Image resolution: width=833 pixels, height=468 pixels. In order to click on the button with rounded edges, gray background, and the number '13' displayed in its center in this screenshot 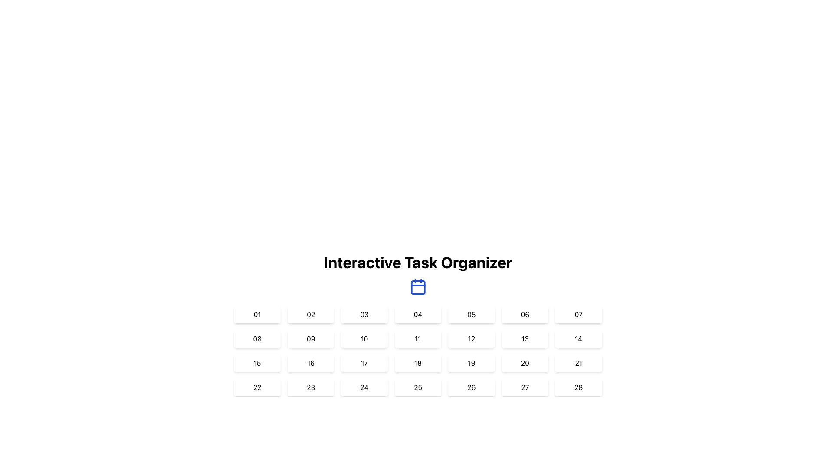, I will do `click(524, 338)`.